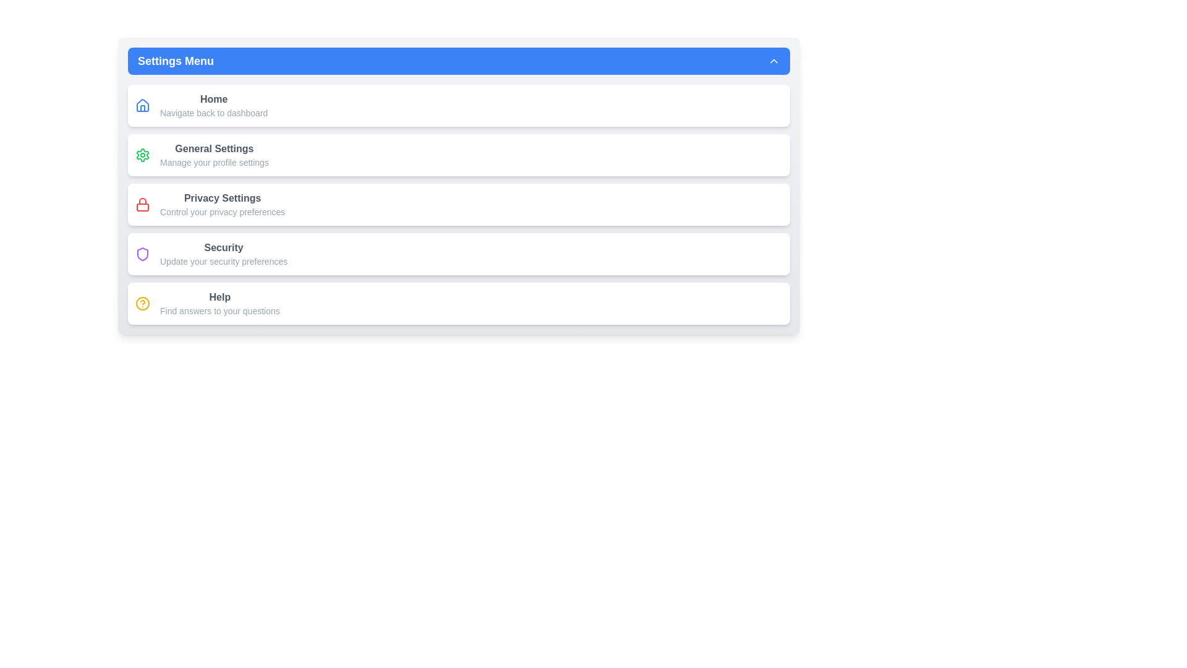 The height and width of the screenshot is (668, 1187). Describe the element at coordinates (224, 254) in the screenshot. I see `the 'Security' section header with the subtitle 'Update your security preferences' in the Settings Menu` at that location.